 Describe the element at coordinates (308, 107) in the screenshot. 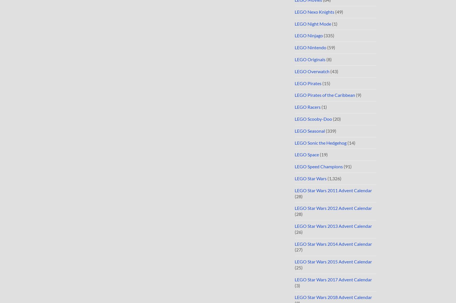

I see `'LEGO Racers'` at that location.